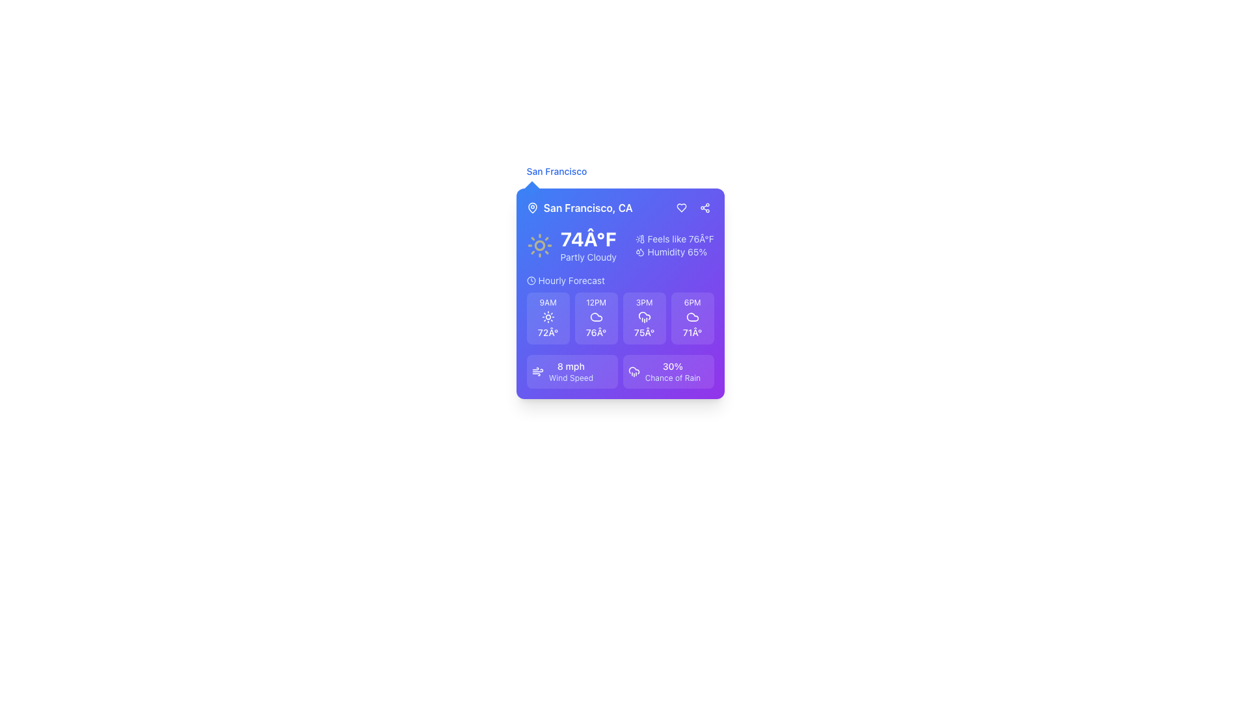 This screenshot has width=1249, height=702. Describe the element at coordinates (634, 371) in the screenshot. I see `the rain likelihood icon located in the bottom-right card of the weather information section, which is directly to the left of the text '30% Chance of Rain'. This icon is the only weather icon in this specific card` at that location.